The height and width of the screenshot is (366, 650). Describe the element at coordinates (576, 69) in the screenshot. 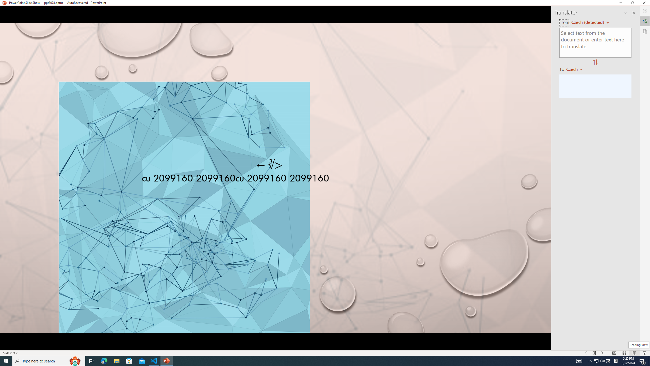

I see `'Czech'` at that location.